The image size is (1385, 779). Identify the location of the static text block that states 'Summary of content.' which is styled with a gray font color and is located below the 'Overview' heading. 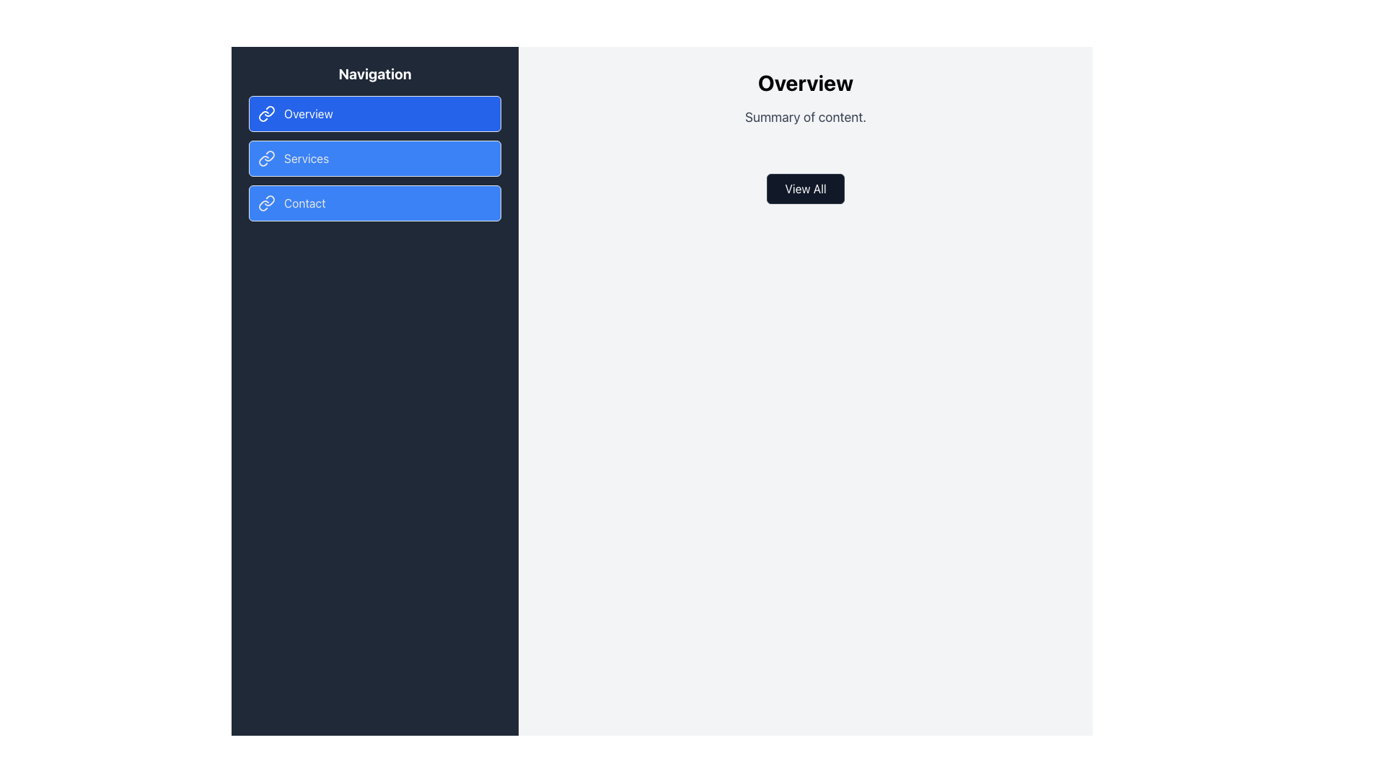
(805, 116).